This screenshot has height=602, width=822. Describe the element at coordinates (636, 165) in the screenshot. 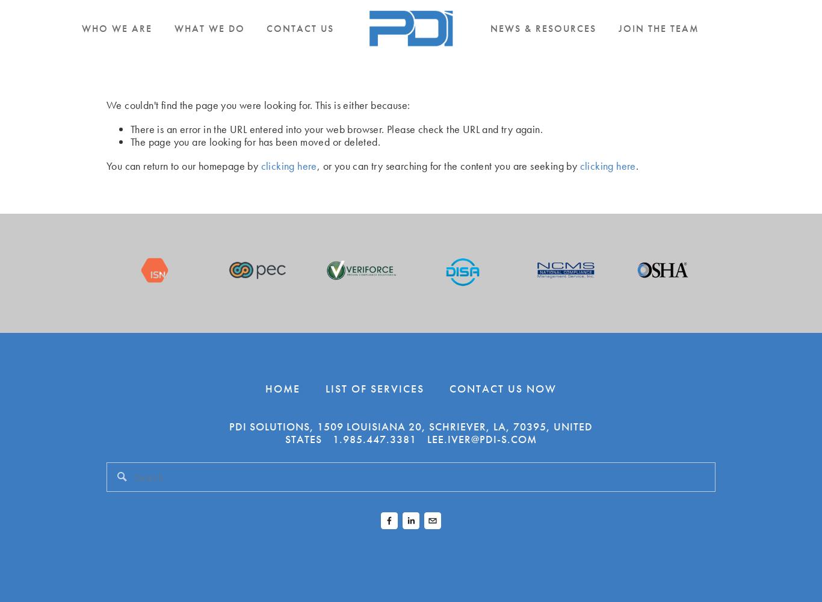

I see `'.'` at that location.